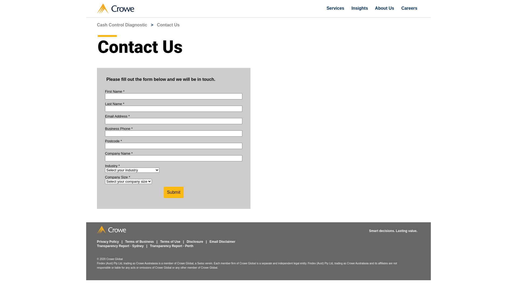 Image resolution: width=517 pixels, height=291 pixels. I want to click on 'Disclosure', so click(186, 241).